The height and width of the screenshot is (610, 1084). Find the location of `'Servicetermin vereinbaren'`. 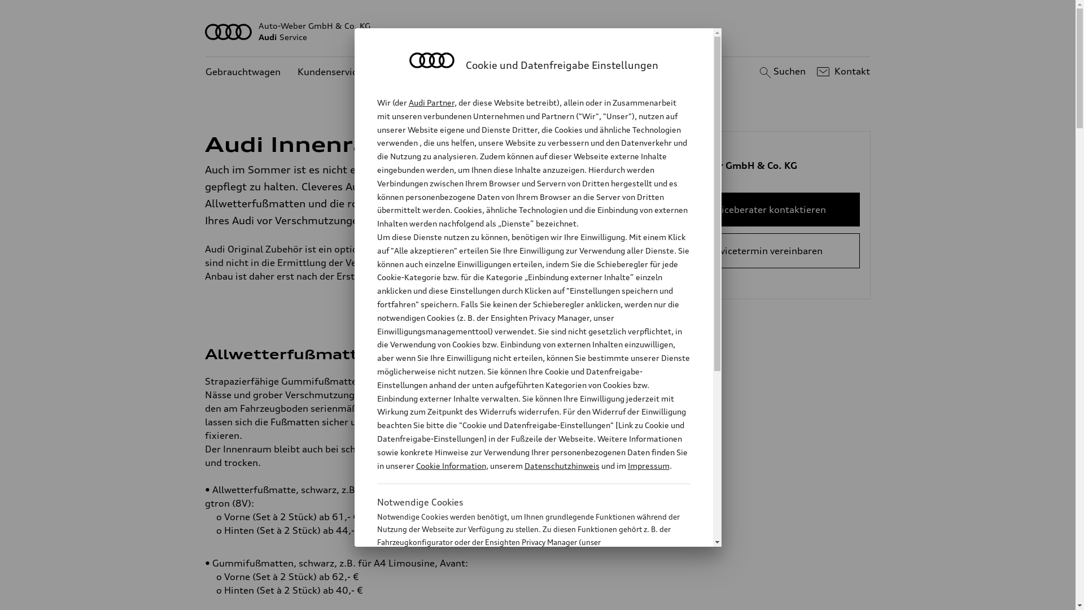

'Servicetermin vereinbaren' is located at coordinates (764, 250).